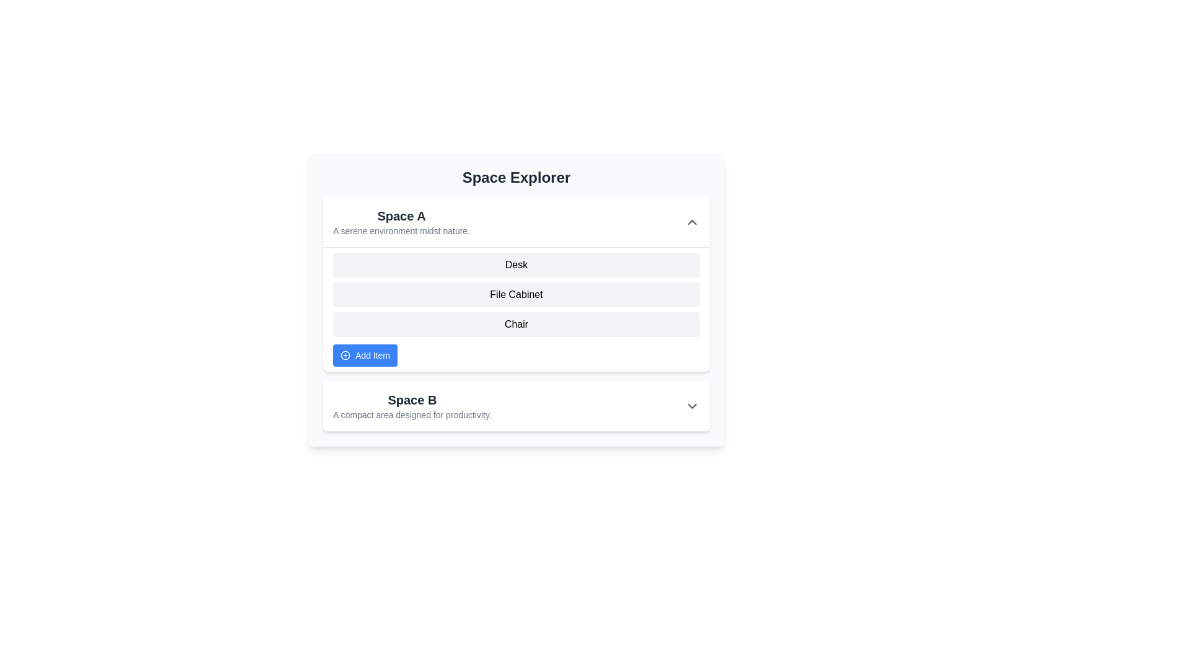 The image size is (1189, 669). What do you see at coordinates (516, 265) in the screenshot?
I see `the first selectable item in the vertical list representing the 'Desk' category` at bounding box center [516, 265].